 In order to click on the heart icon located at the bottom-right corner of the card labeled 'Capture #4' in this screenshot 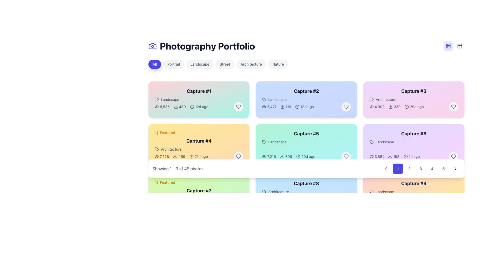, I will do `click(238, 156)`.